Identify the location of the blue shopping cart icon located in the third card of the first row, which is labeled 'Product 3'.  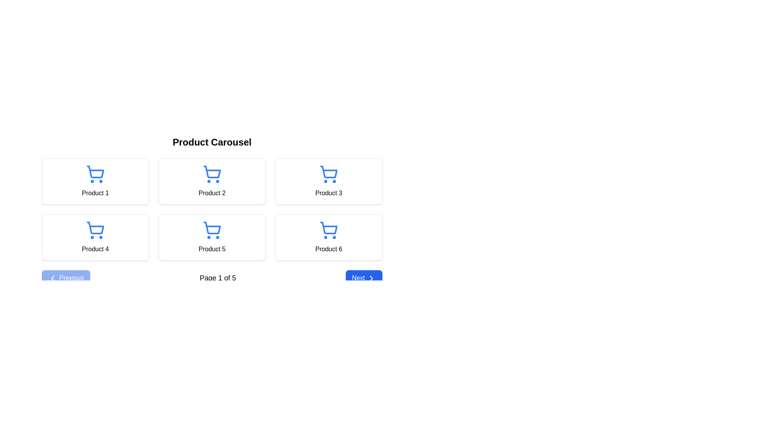
(329, 172).